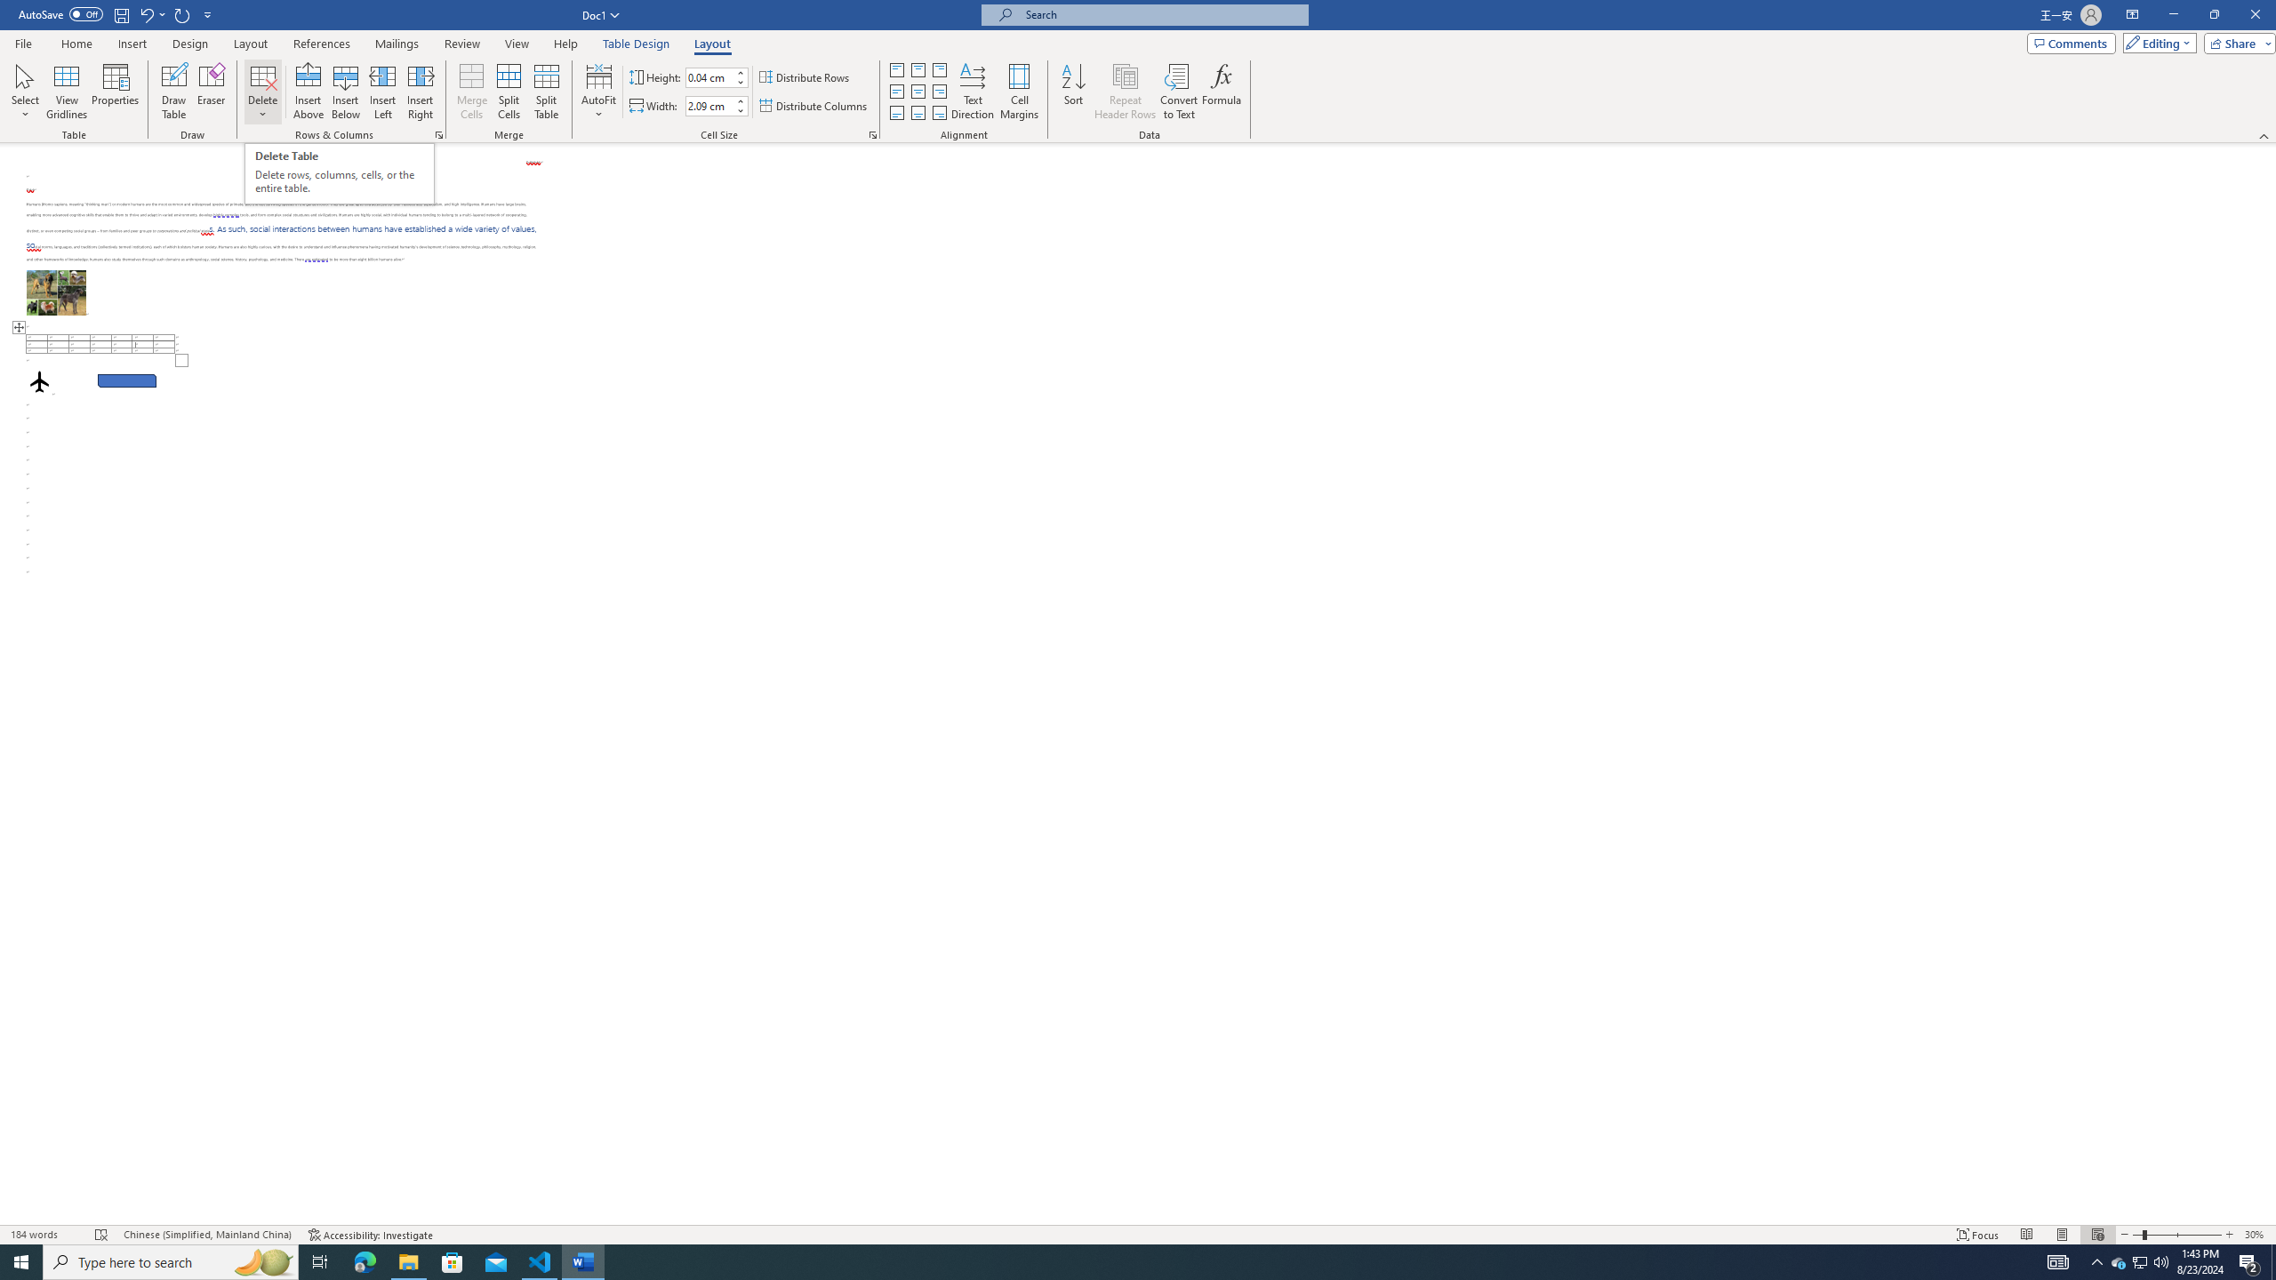 The width and height of the screenshot is (2276, 1280). Describe the element at coordinates (126, 380) in the screenshot. I see `'Rectangle: Diagonal Corners Snipped 2'` at that location.